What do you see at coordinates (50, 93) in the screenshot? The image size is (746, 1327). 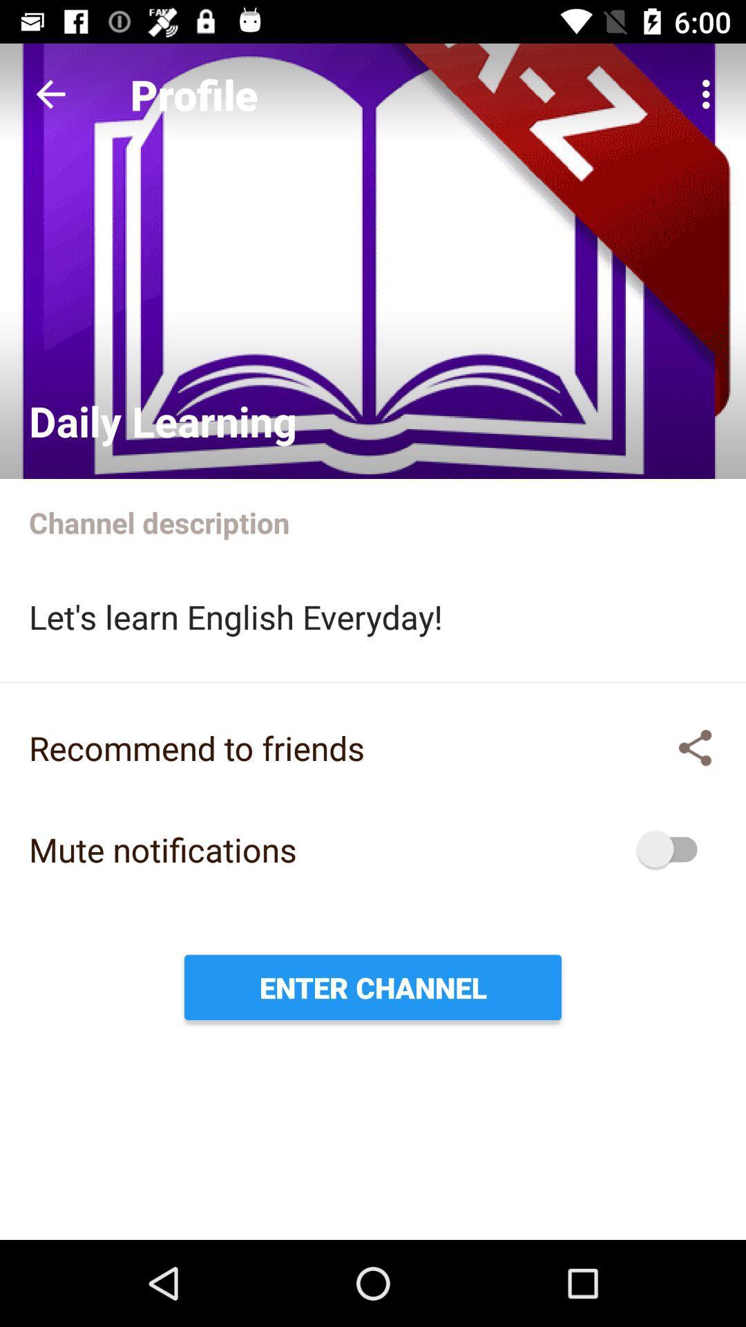 I see `item above the daily learning item` at bounding box center [50, 93].